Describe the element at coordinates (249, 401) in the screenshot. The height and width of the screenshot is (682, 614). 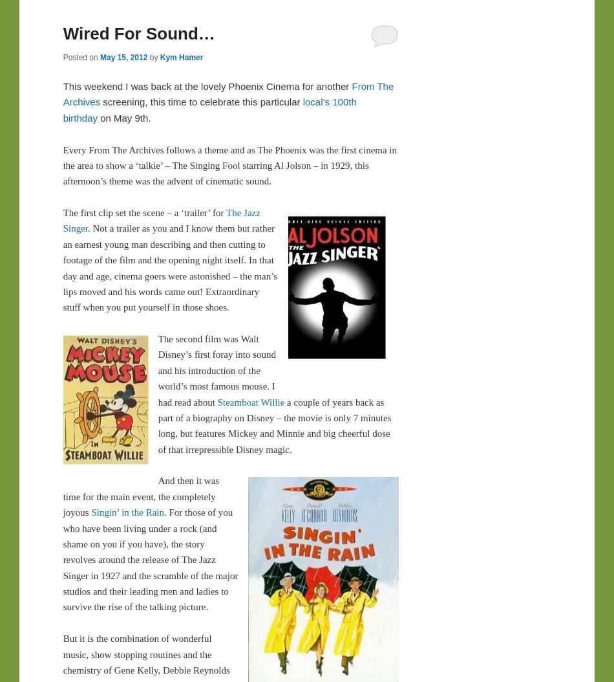
I see `'Steamboat Willie'` at that location.